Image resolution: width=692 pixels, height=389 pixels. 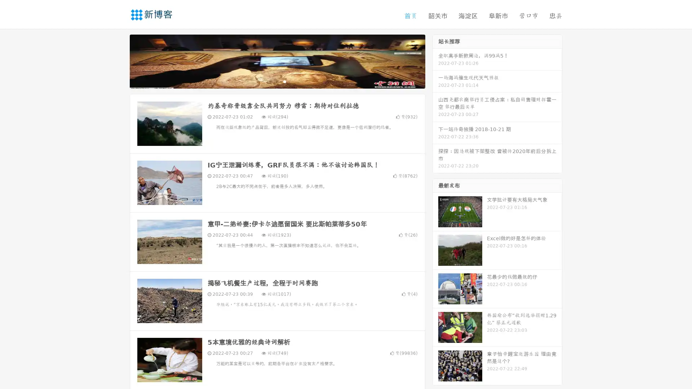 I want to click on Go to slide 3, so click(x=284, y=81).